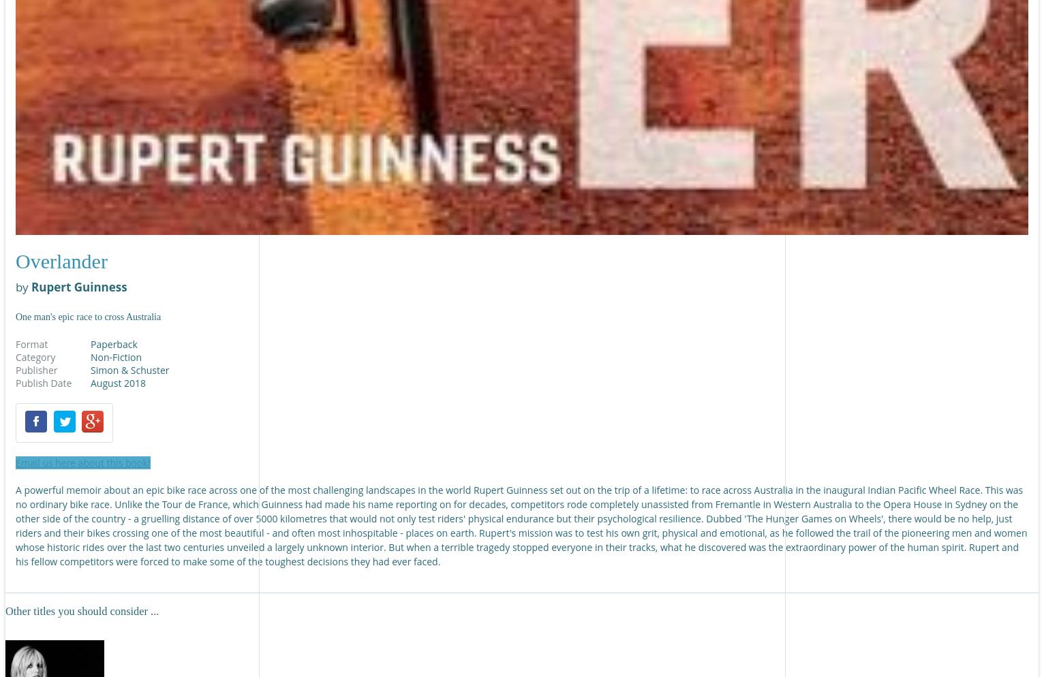  I want to click on 'One man's epic race to cross Australia', so click(87, 315).